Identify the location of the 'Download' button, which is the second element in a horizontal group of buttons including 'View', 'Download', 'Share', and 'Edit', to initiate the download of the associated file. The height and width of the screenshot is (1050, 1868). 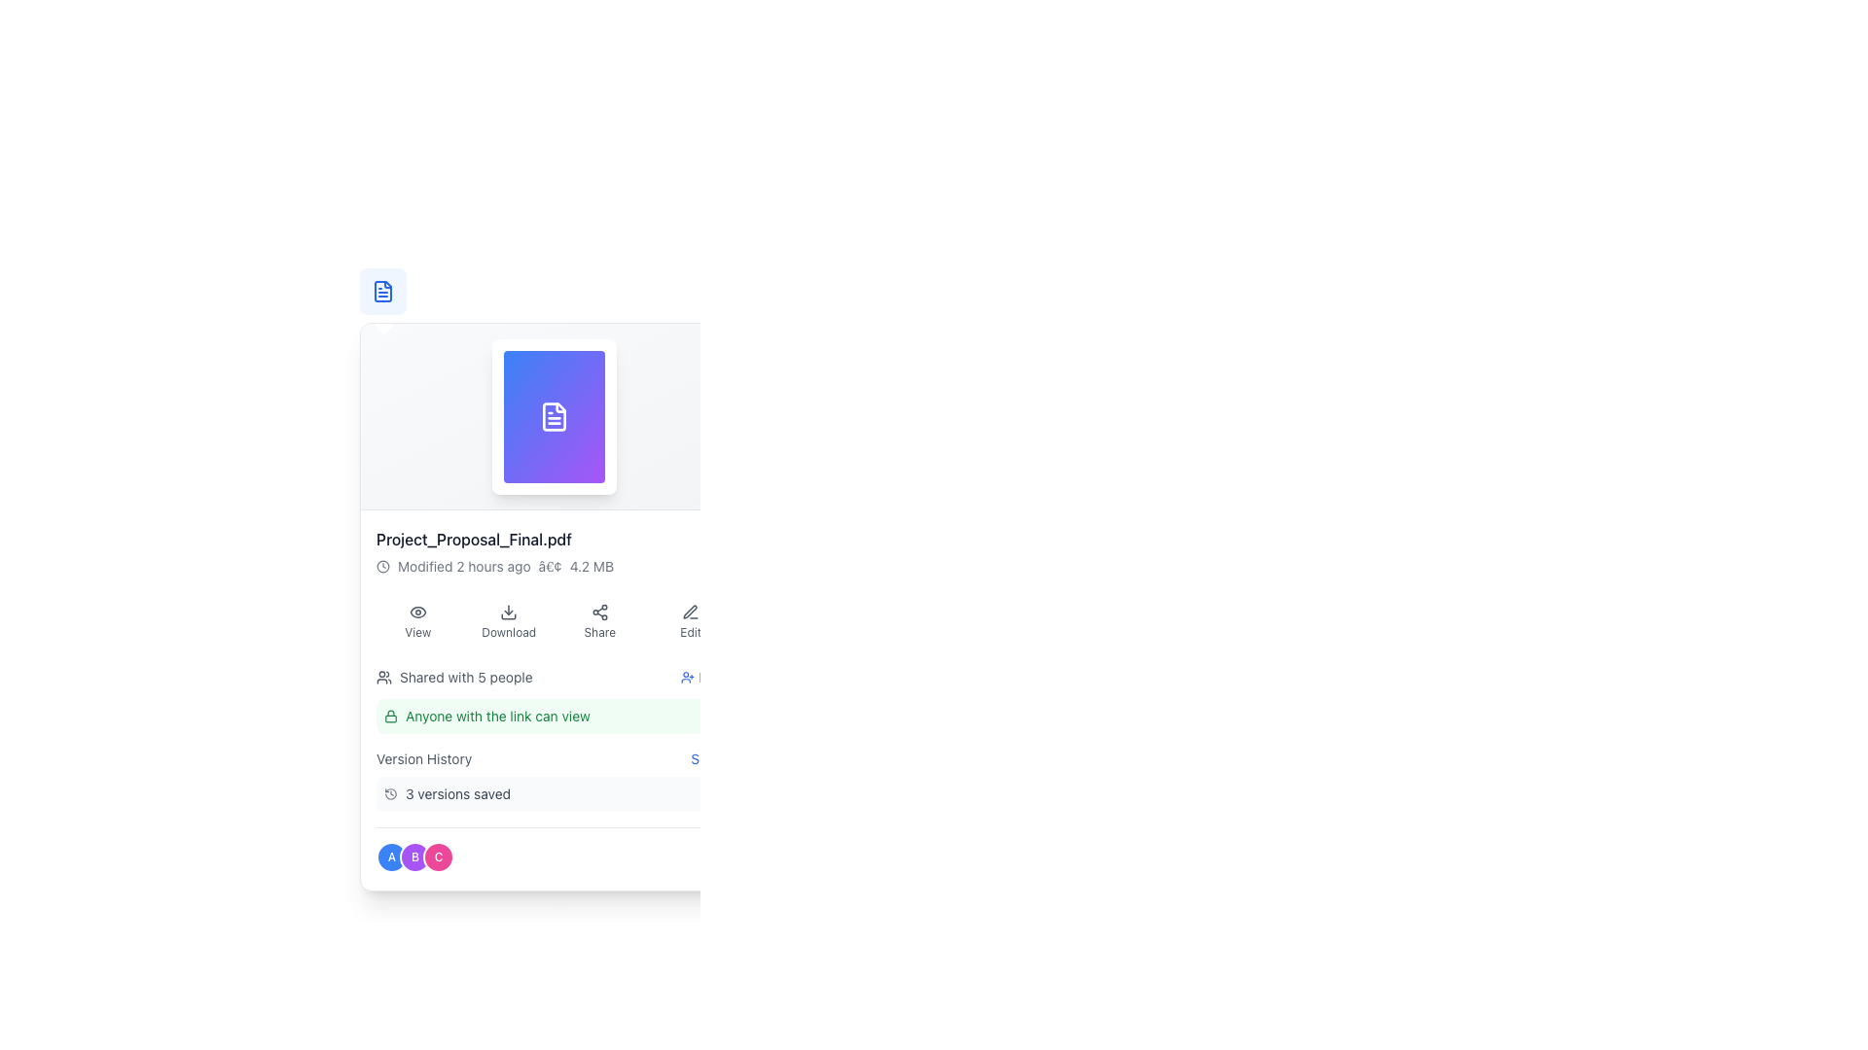
(509, 622).